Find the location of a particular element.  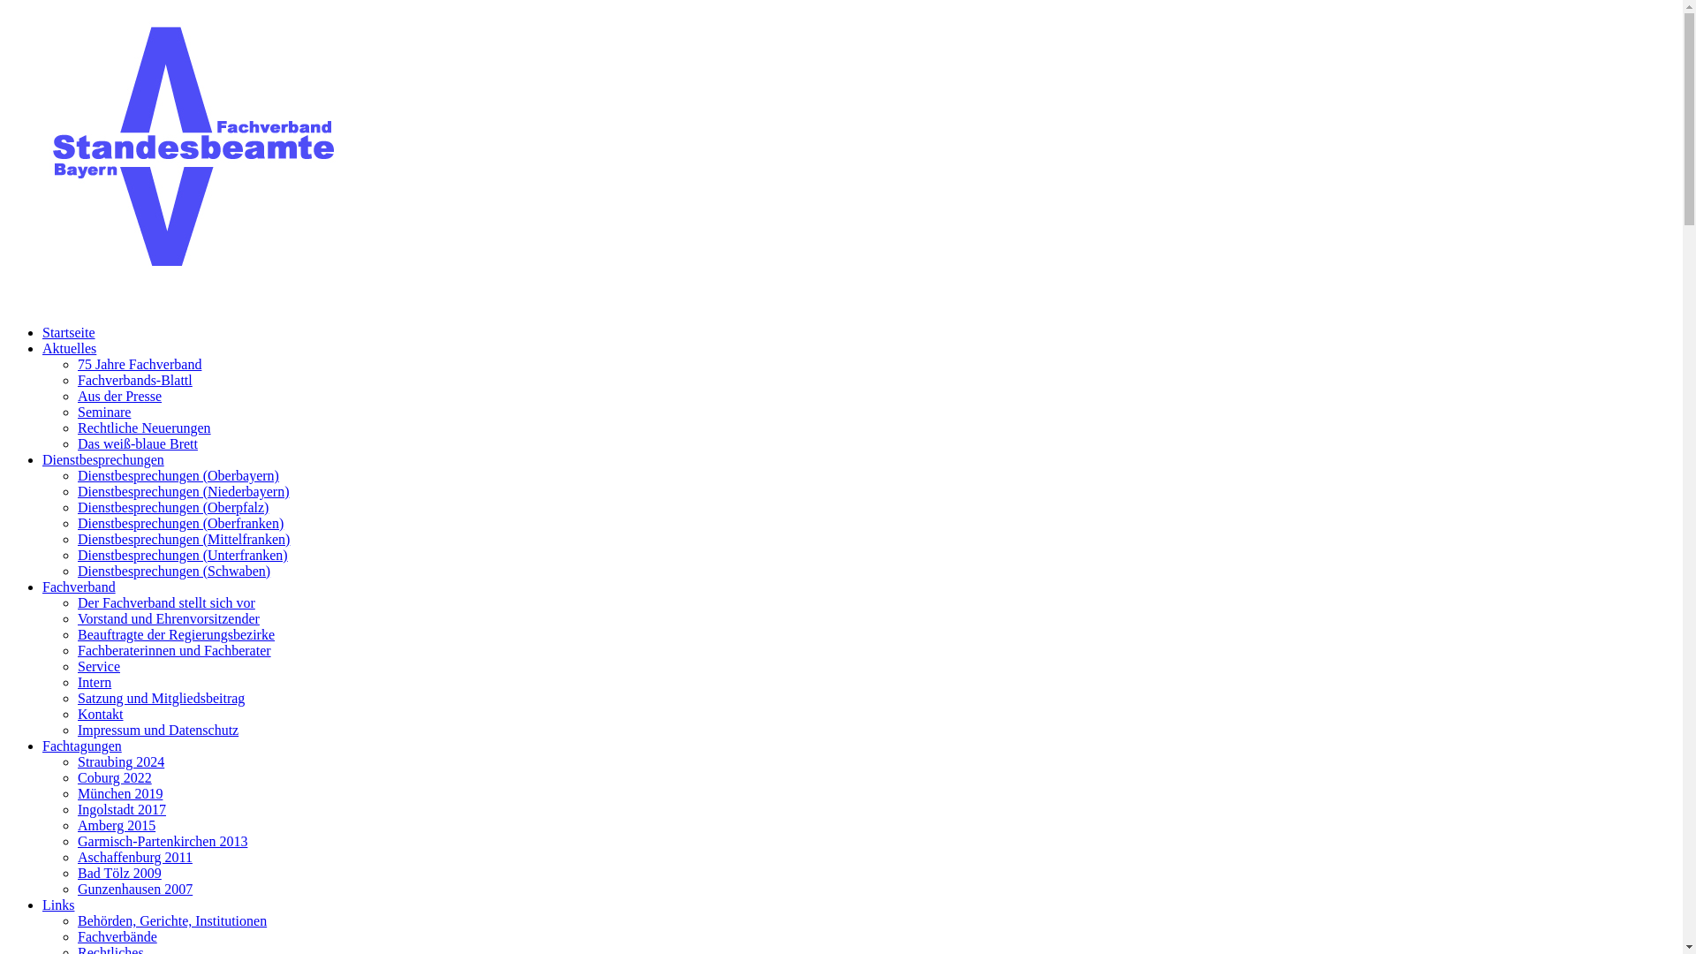

'Dienstbesprechungen (Mittelfranken)' is located at coordinates (183, 538).